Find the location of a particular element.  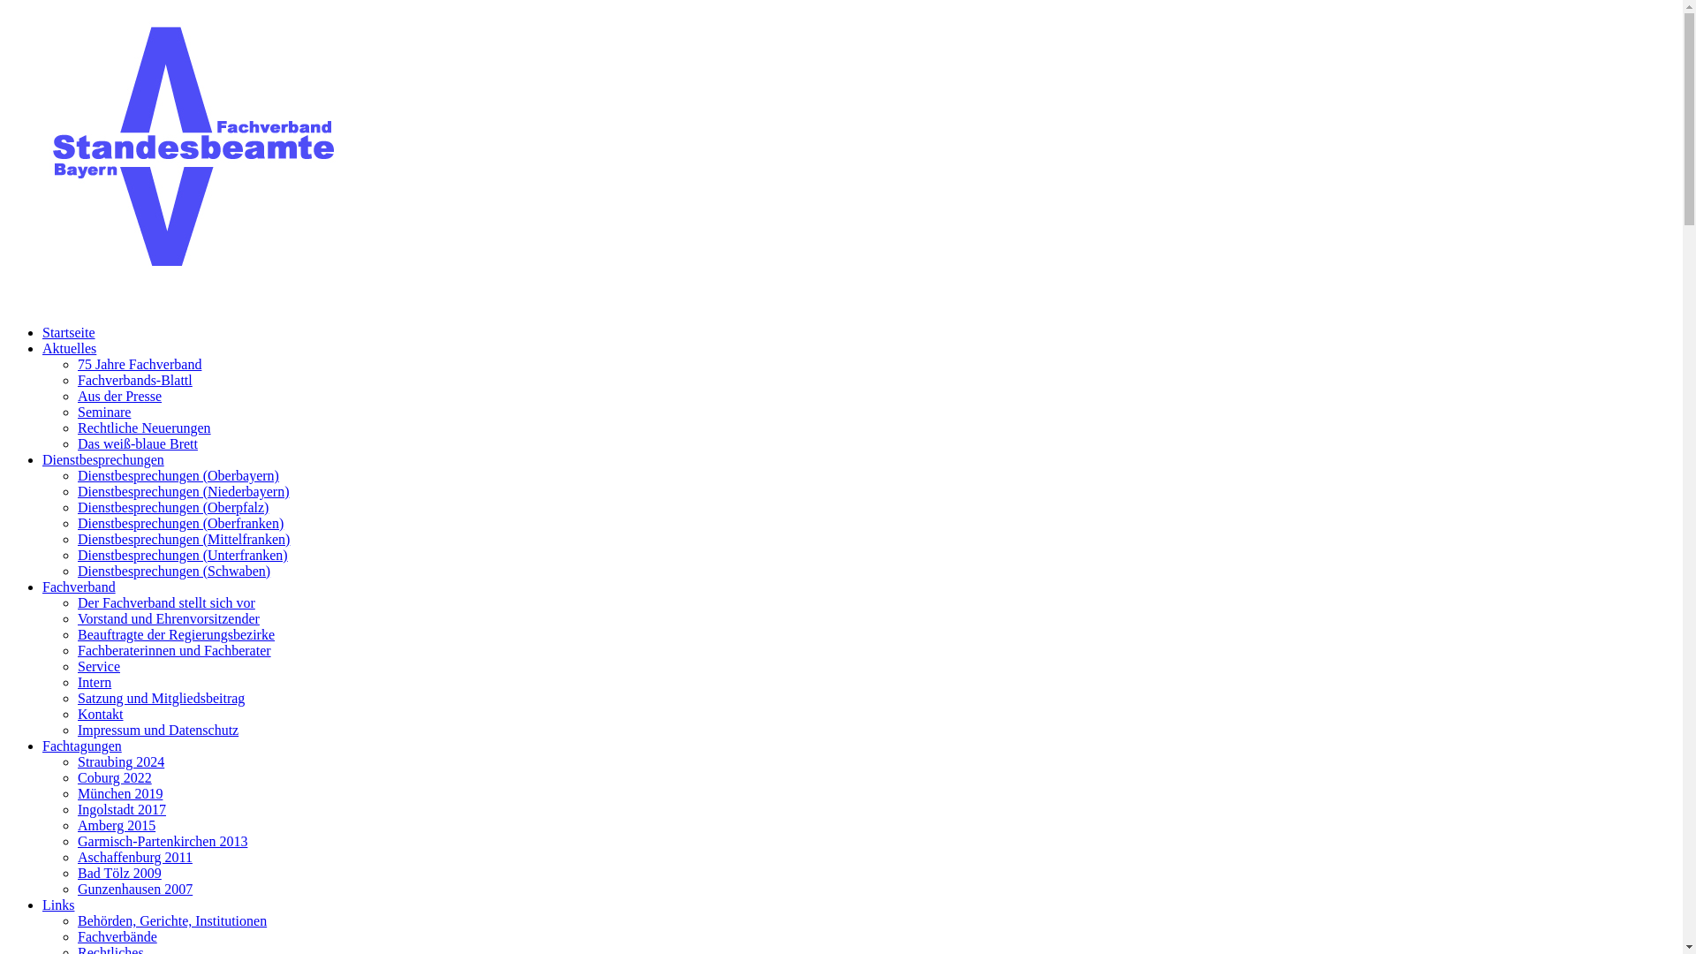

'Dienstbesprechungen (Mittelfranken)' is located at coordinates (183, 538).